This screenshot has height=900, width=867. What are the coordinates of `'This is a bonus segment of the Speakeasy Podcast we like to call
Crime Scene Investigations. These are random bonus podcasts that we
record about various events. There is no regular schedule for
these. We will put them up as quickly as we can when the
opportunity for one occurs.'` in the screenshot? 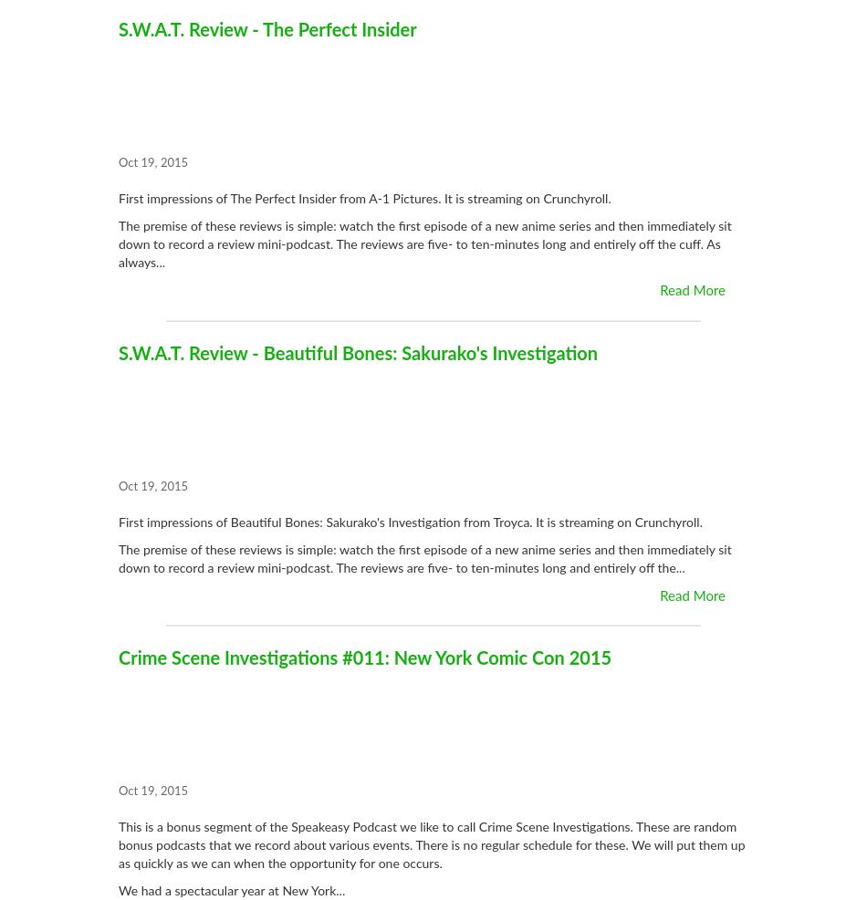 It's located at (431, 845).